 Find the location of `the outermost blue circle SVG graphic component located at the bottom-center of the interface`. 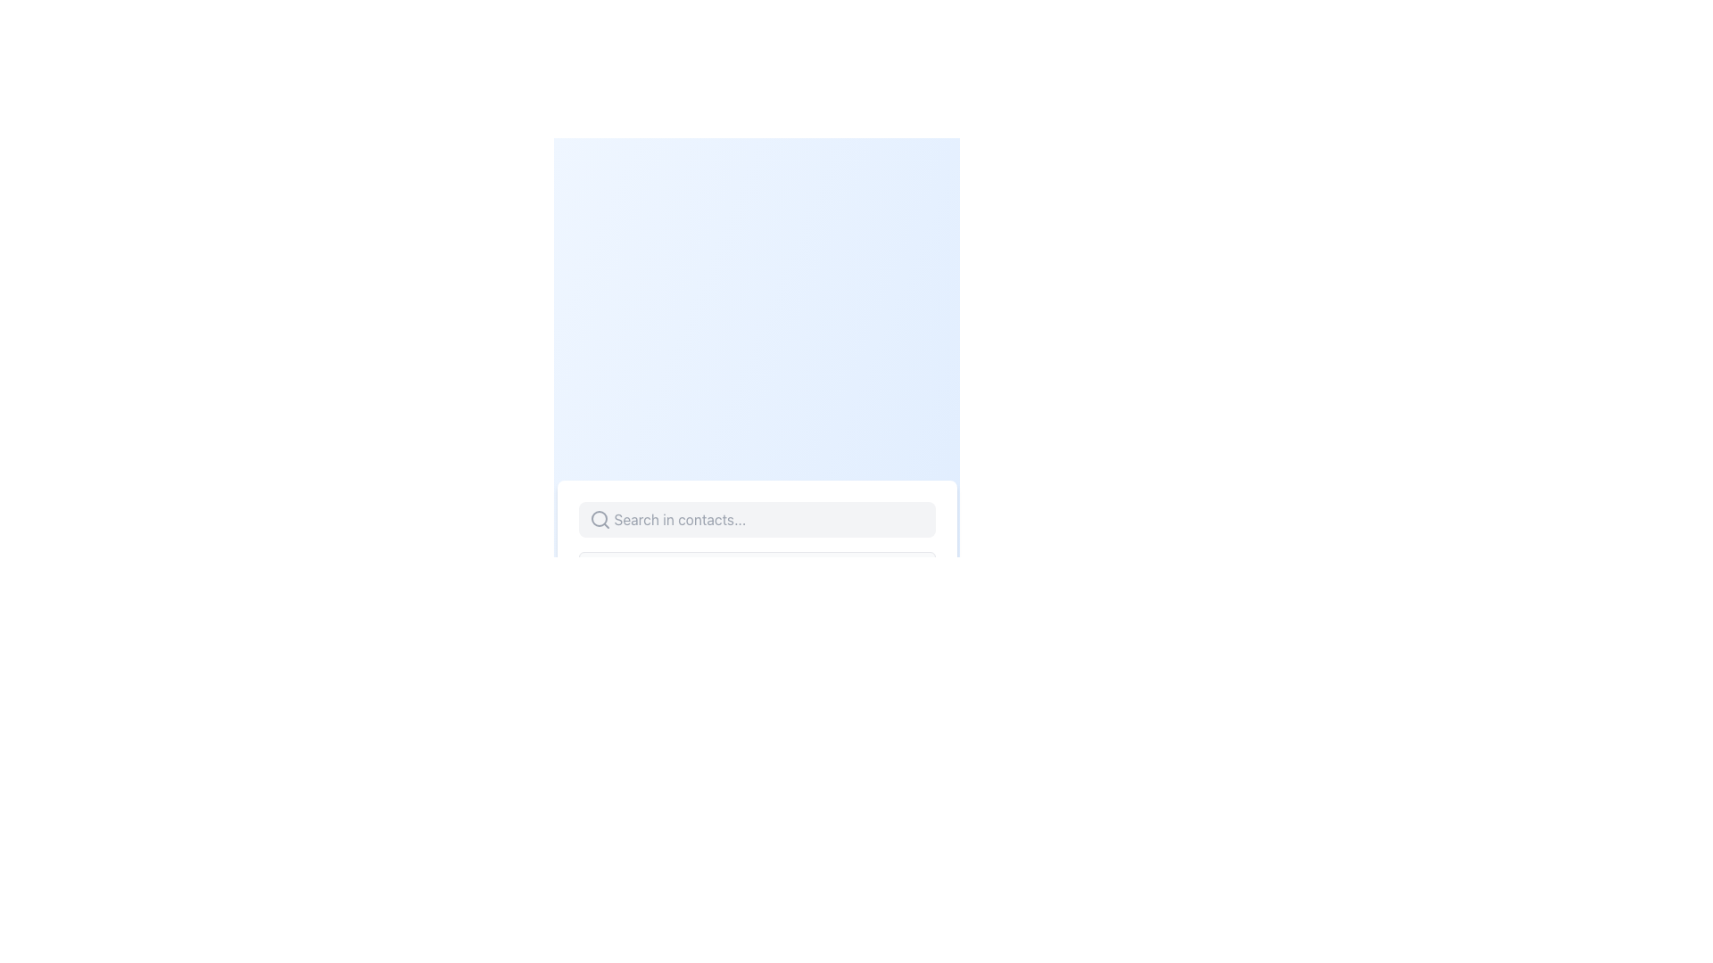

the outermost blue circle SVG graphic component located at the bottom-center of the interface is located at coordinates (608, 644).